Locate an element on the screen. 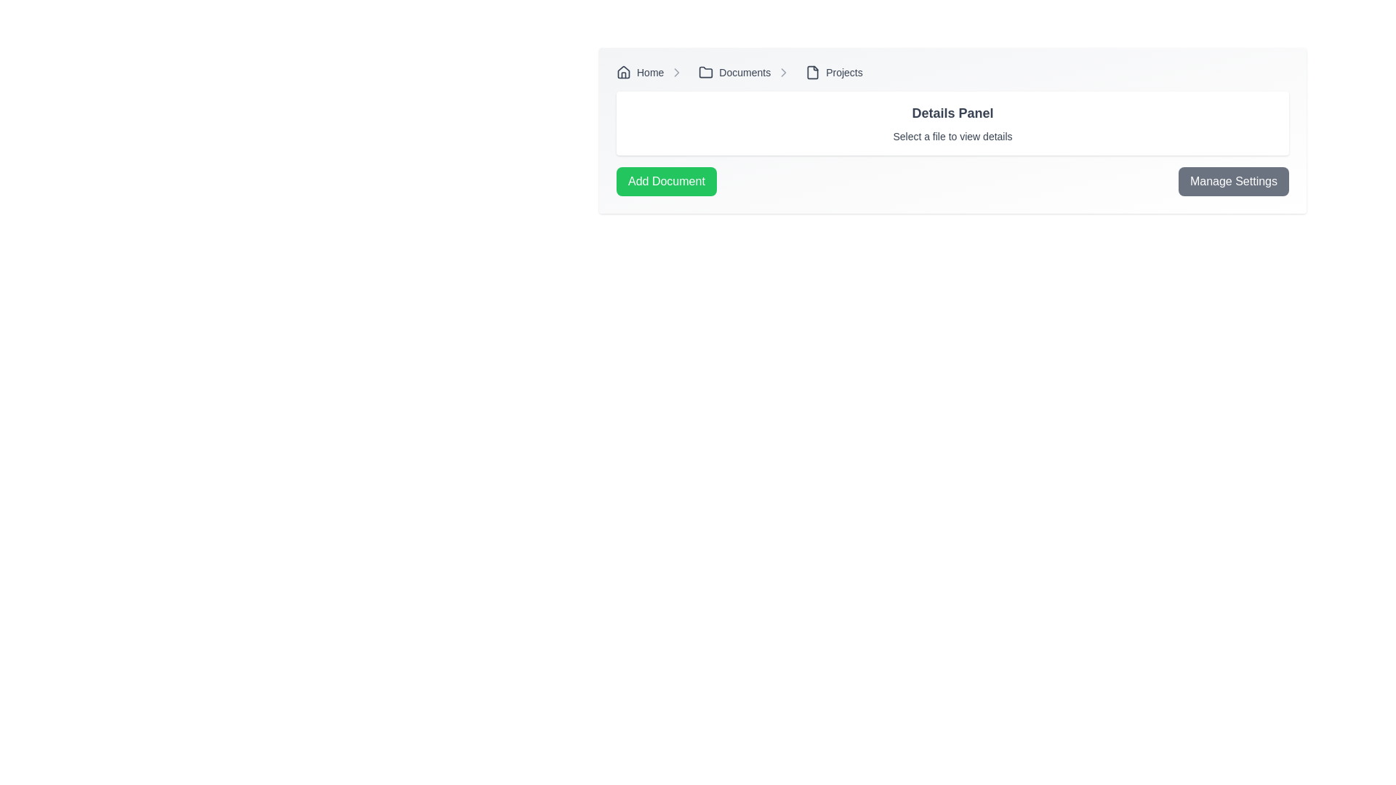 The image size is (1396, 785). the clickable navigation link in the breadcrumb trail is located at coordinates (747, 73).